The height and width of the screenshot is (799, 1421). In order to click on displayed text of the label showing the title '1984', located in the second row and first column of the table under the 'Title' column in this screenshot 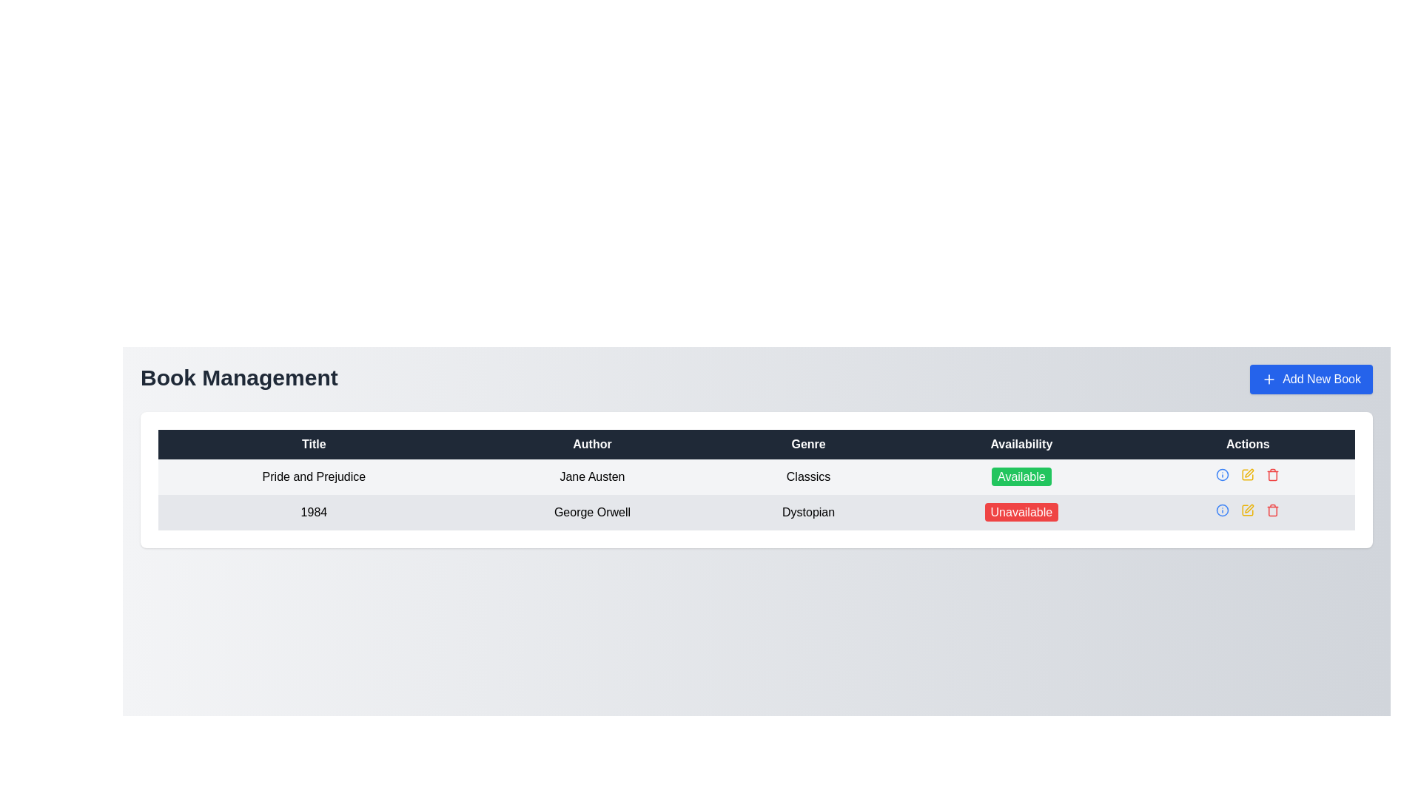, I will do `click(313, 512)`.